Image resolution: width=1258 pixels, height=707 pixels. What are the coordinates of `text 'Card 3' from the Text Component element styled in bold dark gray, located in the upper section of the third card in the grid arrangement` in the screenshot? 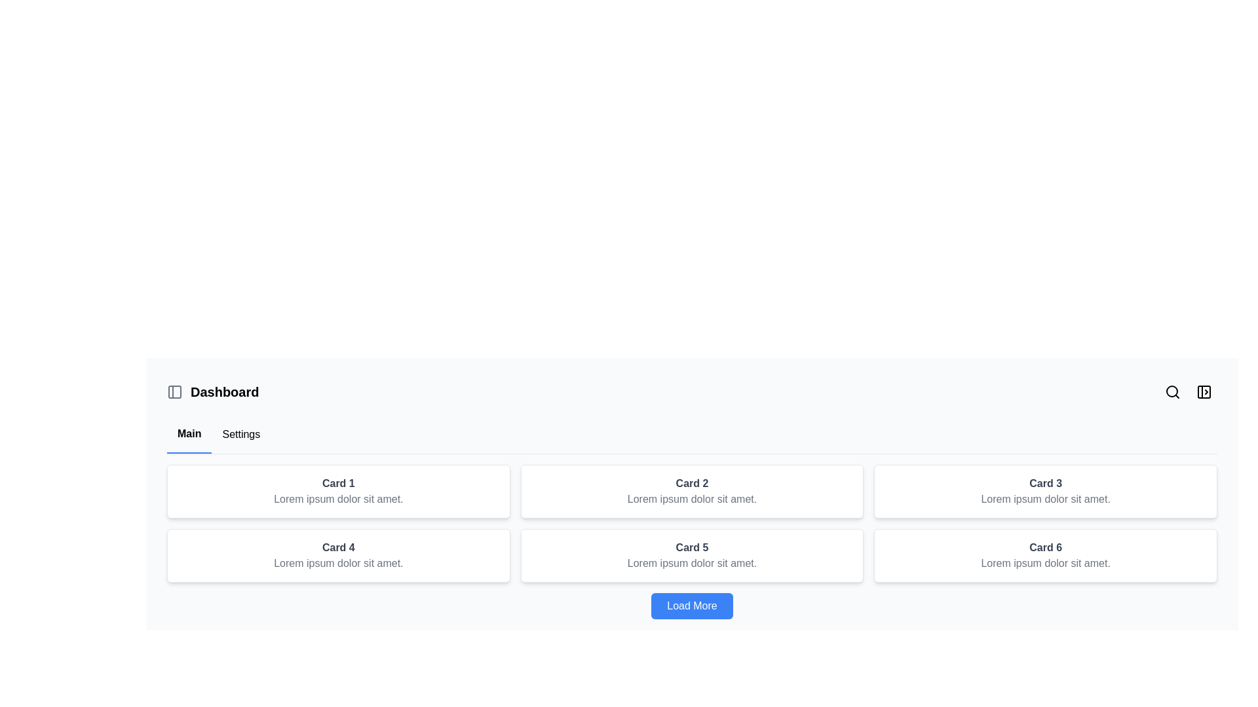 It's located at (1045, 484).